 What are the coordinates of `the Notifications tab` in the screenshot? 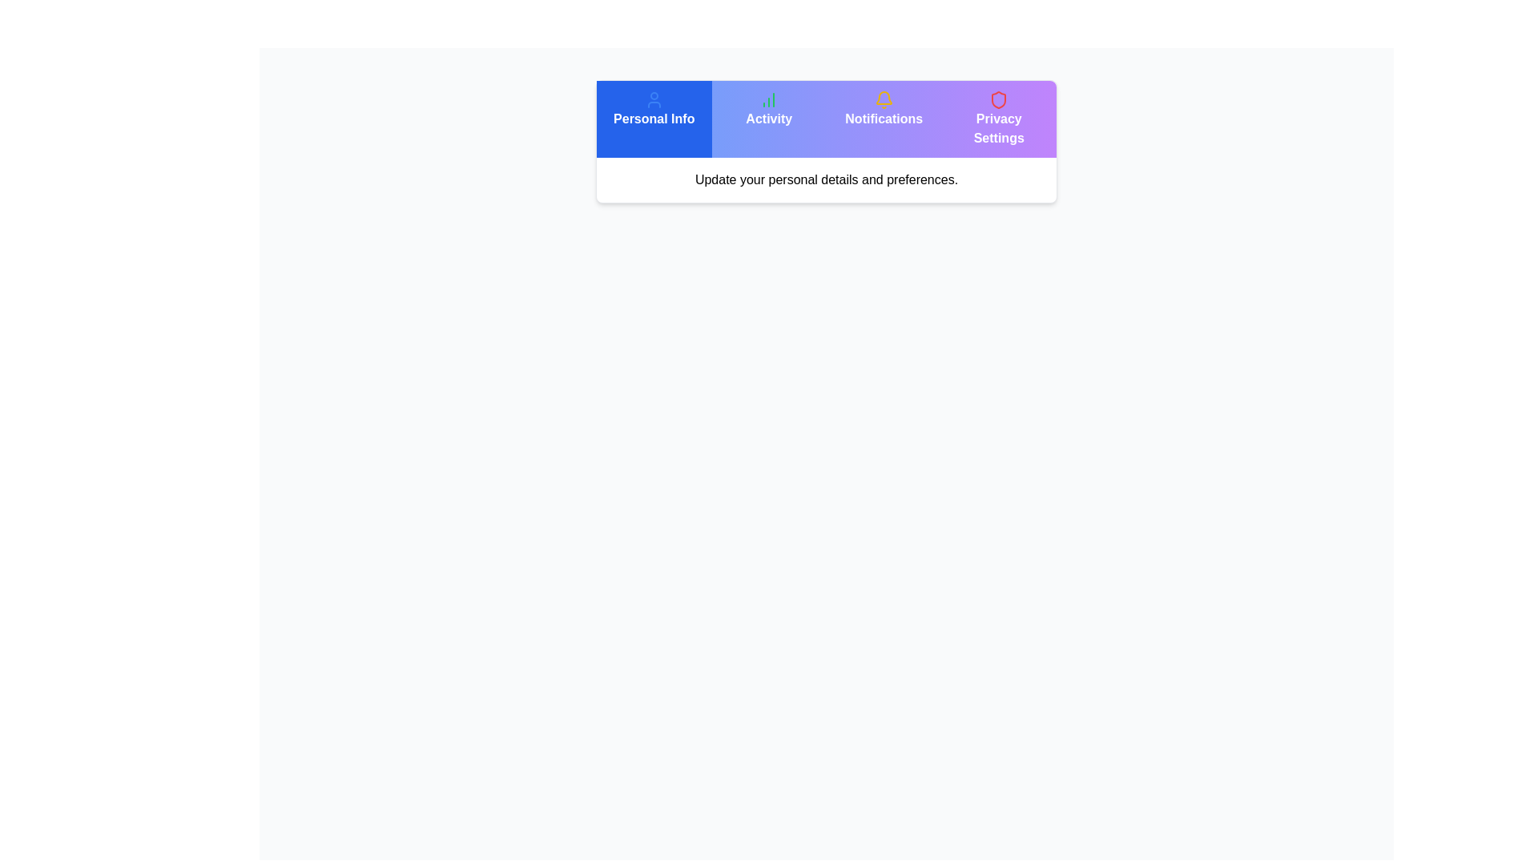 It's located at (883, 119).